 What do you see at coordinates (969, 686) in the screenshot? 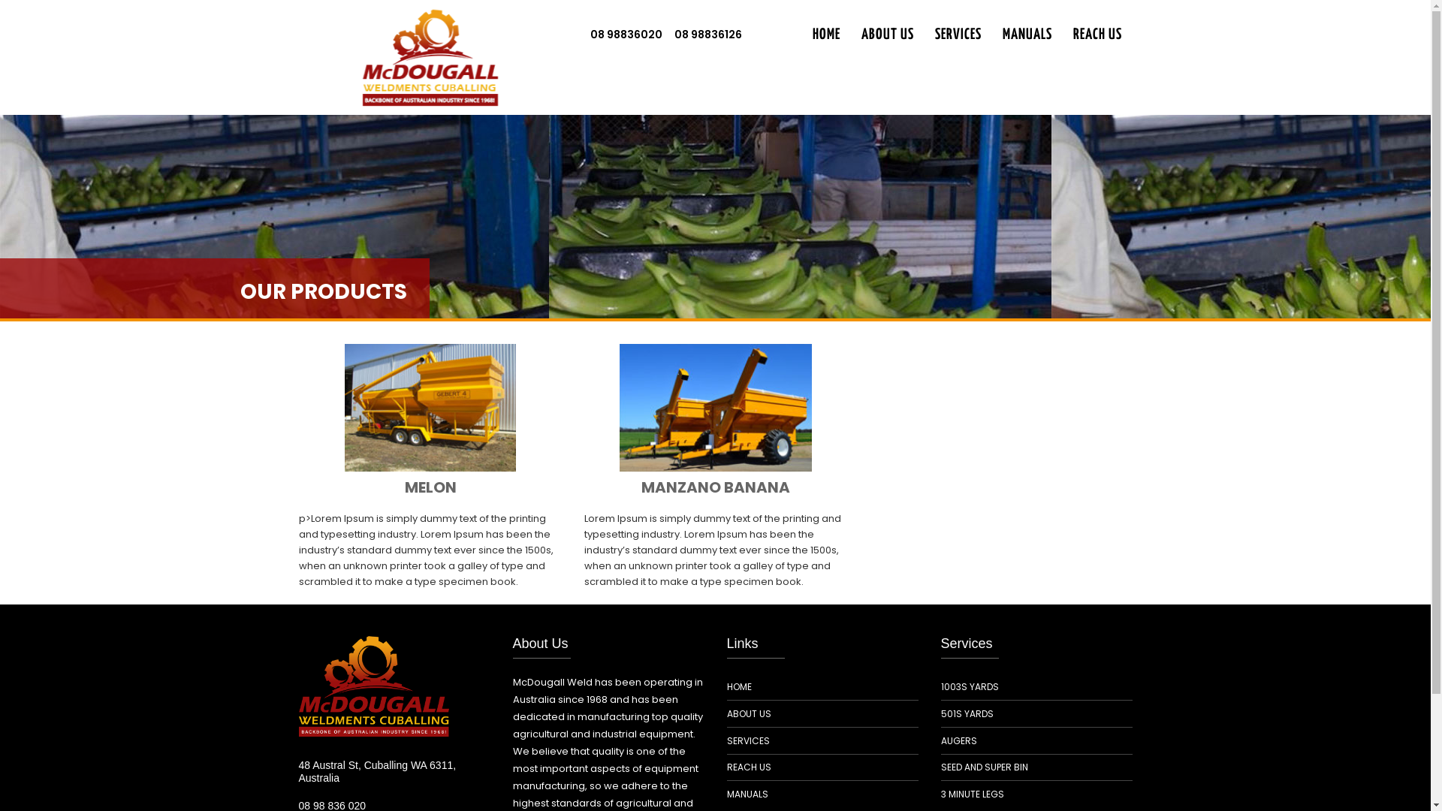
I see `'1003S YARDS'` at bounding box center [969, 686].